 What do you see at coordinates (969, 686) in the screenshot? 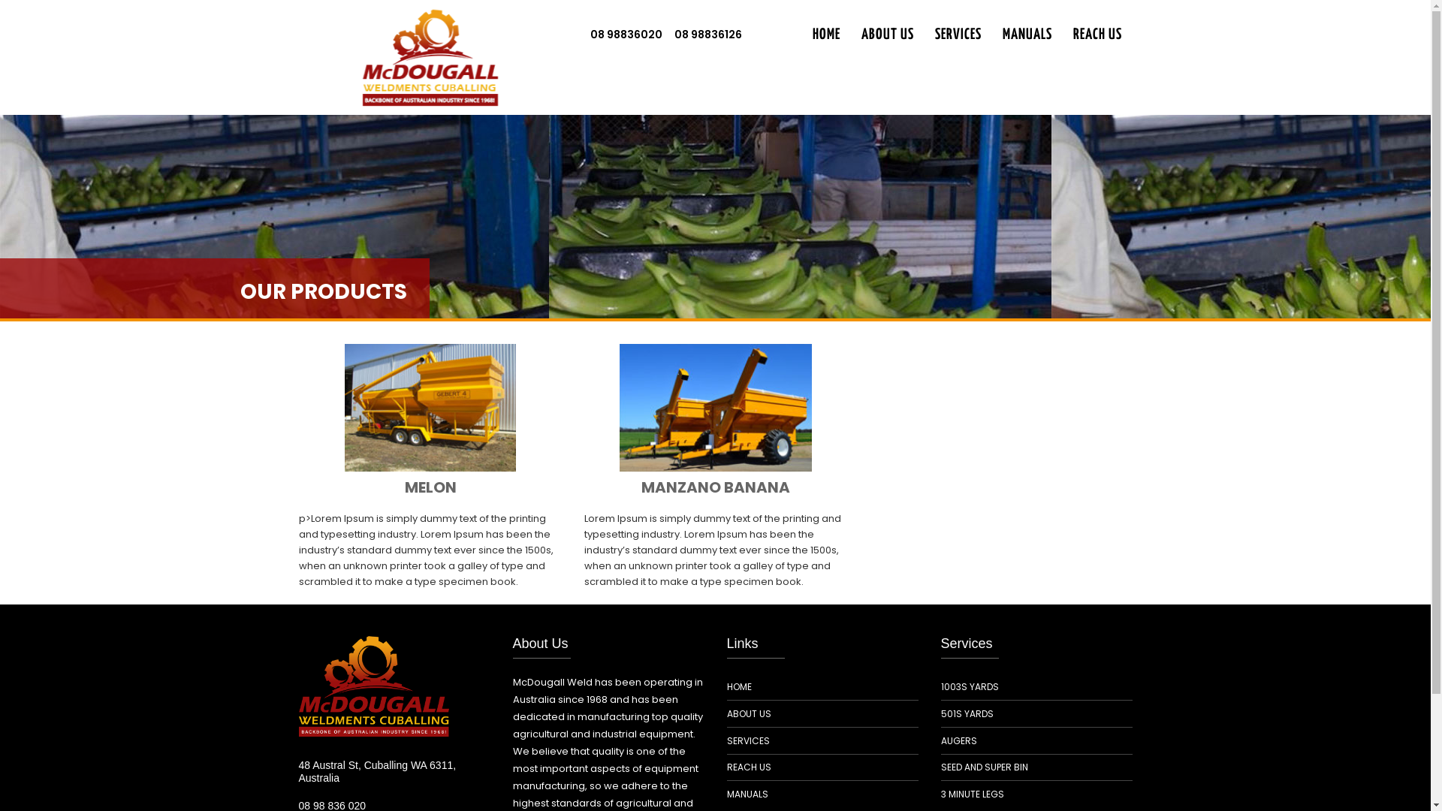
I see `'1003S YARDS'` at bounding box center [969, 686].